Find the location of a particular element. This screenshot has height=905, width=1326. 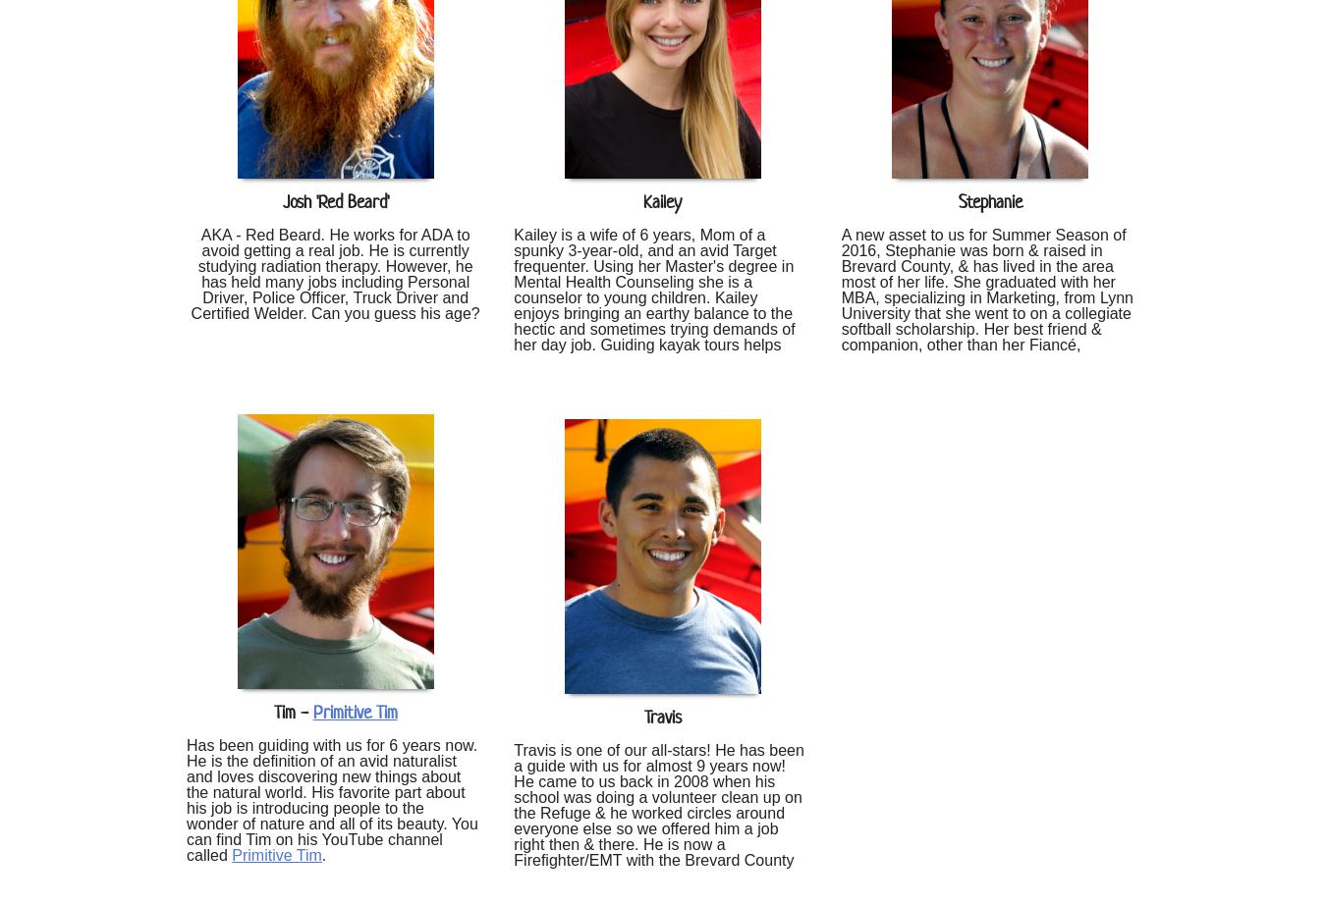

'.' is located at coordinates (322, 853).